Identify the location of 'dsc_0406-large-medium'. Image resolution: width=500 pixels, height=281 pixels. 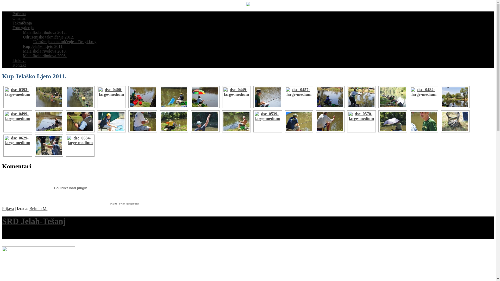
(142, 97).